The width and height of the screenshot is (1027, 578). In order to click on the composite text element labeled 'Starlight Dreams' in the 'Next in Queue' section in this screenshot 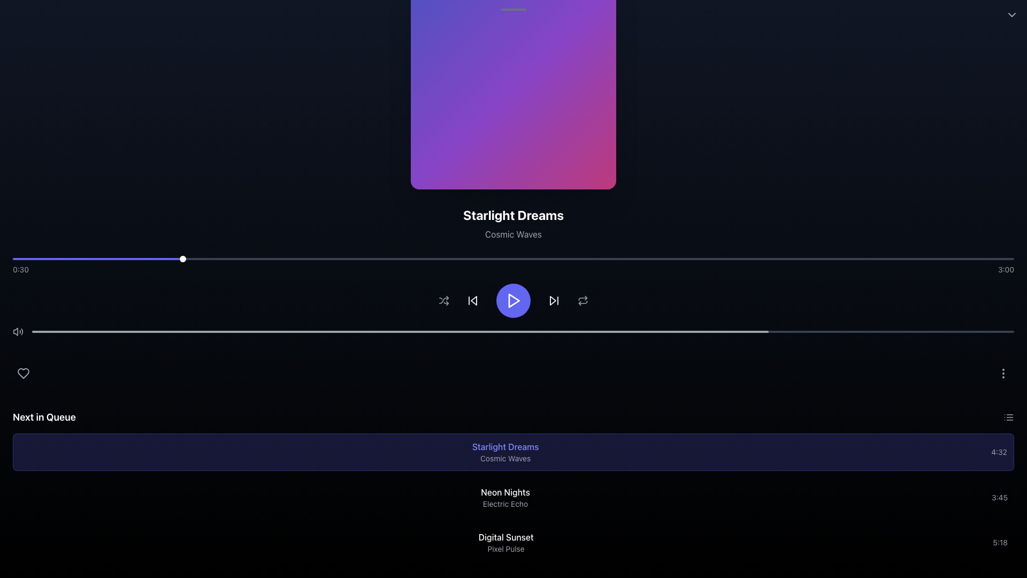, I will do `click(505, 452)`.